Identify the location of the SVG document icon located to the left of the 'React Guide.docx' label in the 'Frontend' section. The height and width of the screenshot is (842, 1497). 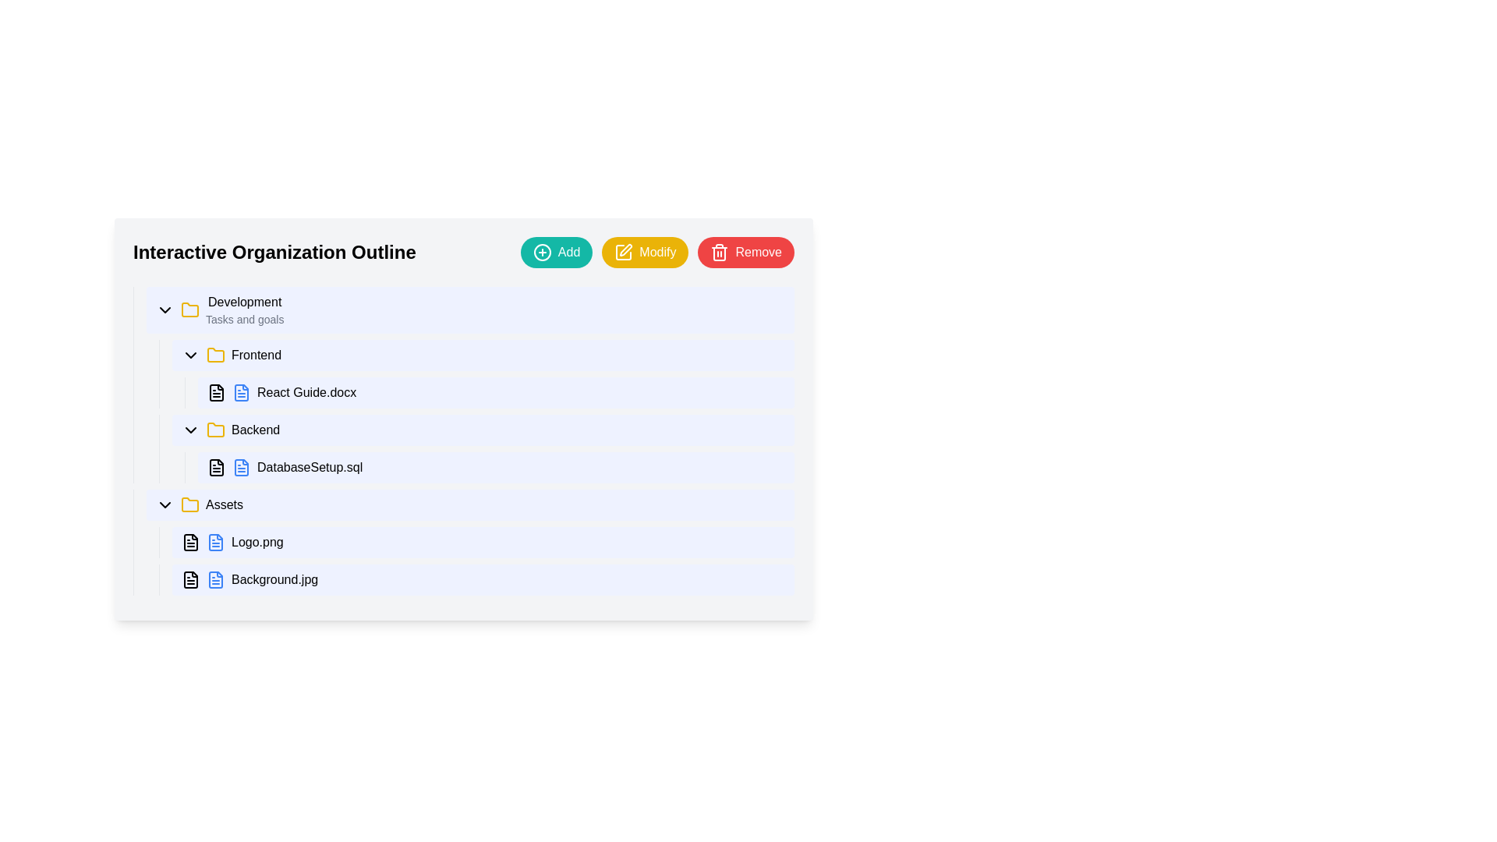
(216, 392).